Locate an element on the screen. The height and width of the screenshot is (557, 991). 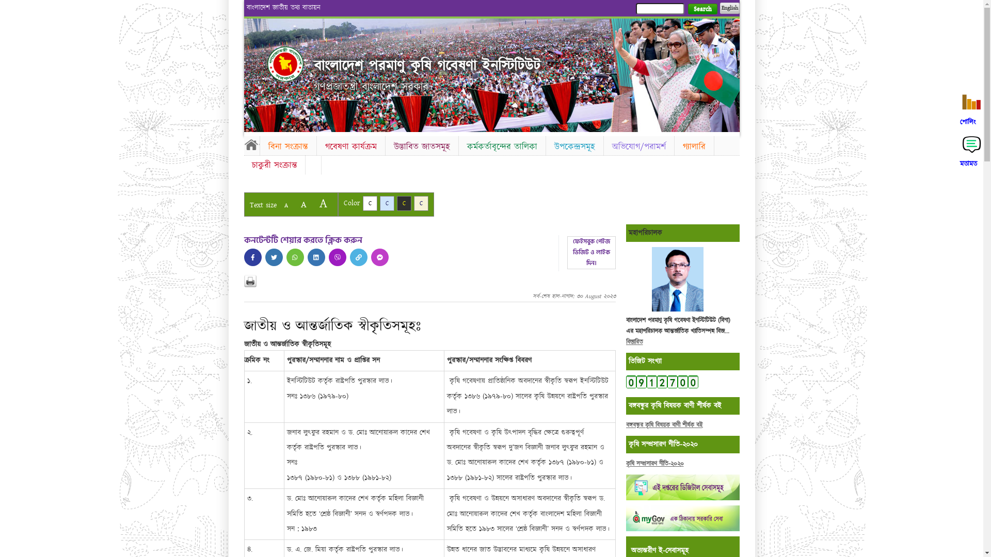
'A' is located at coordinates (322, 203).